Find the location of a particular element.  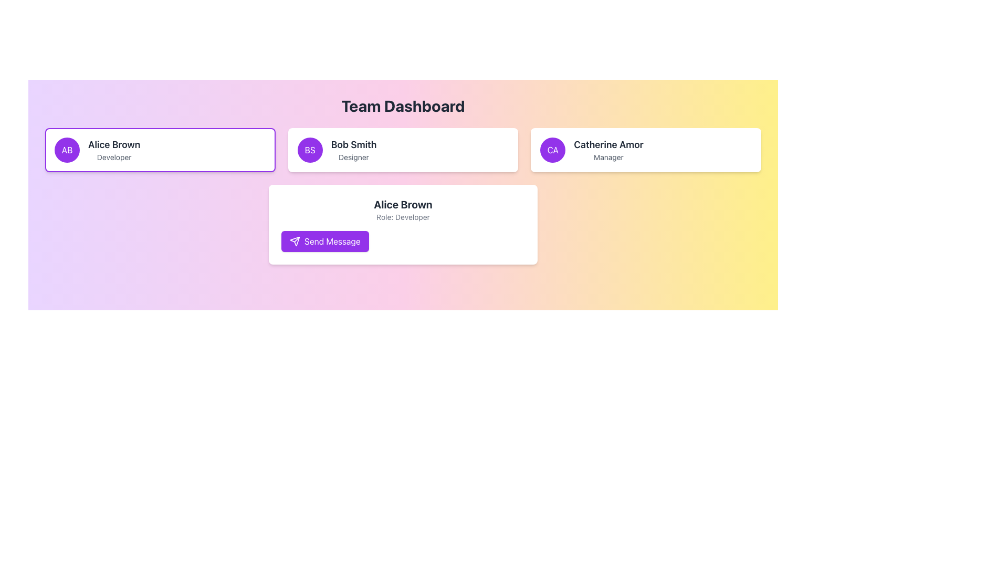

the text label displaying the name 'Catherine Amor', which is positioned above the text 'Manager' and aligned with a purple circular icon with initials 'CA' is located at coordinates (608, 145).